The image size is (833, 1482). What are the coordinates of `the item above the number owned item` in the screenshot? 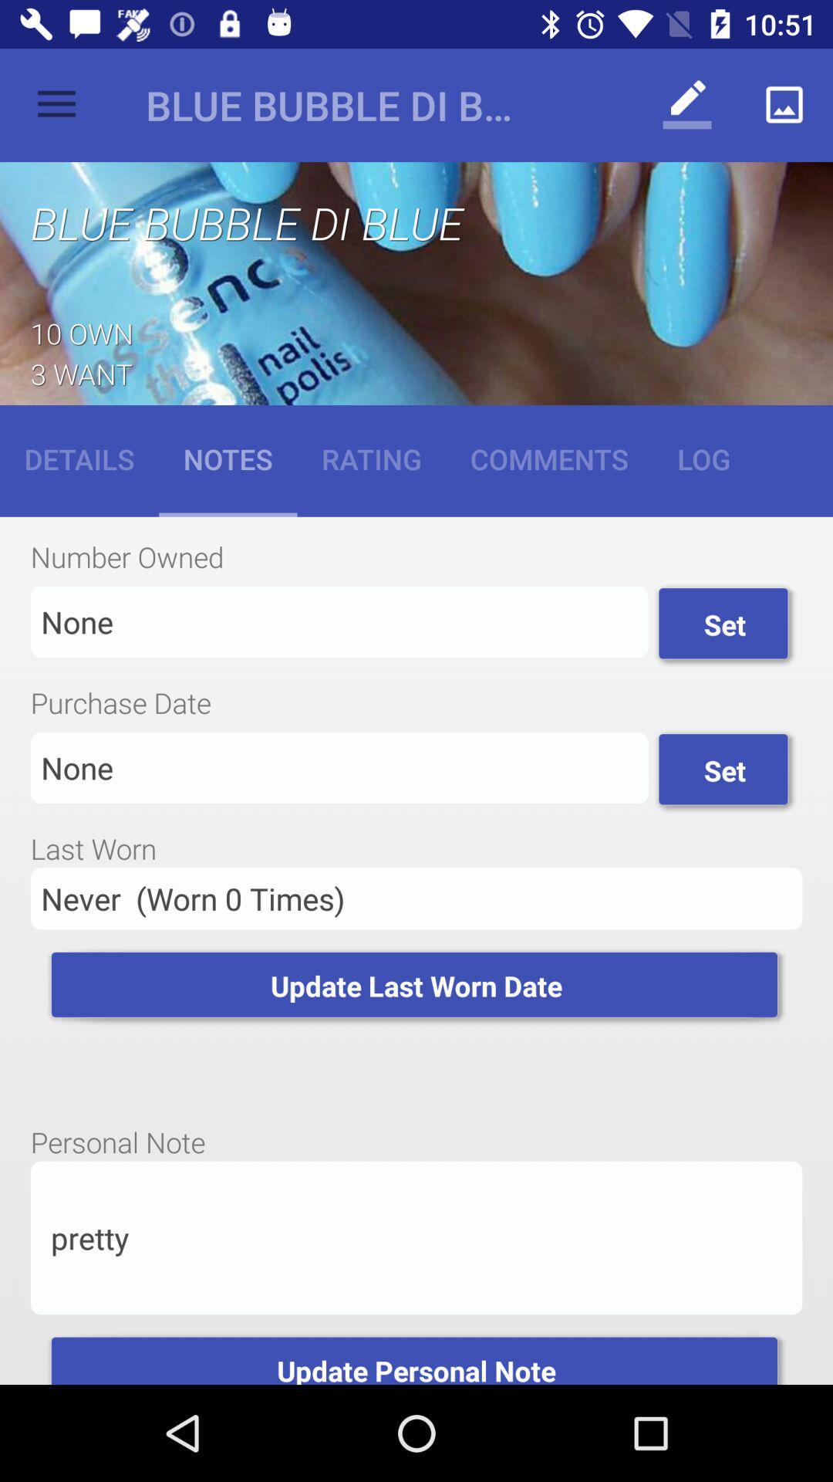 It's located at (548, 458).